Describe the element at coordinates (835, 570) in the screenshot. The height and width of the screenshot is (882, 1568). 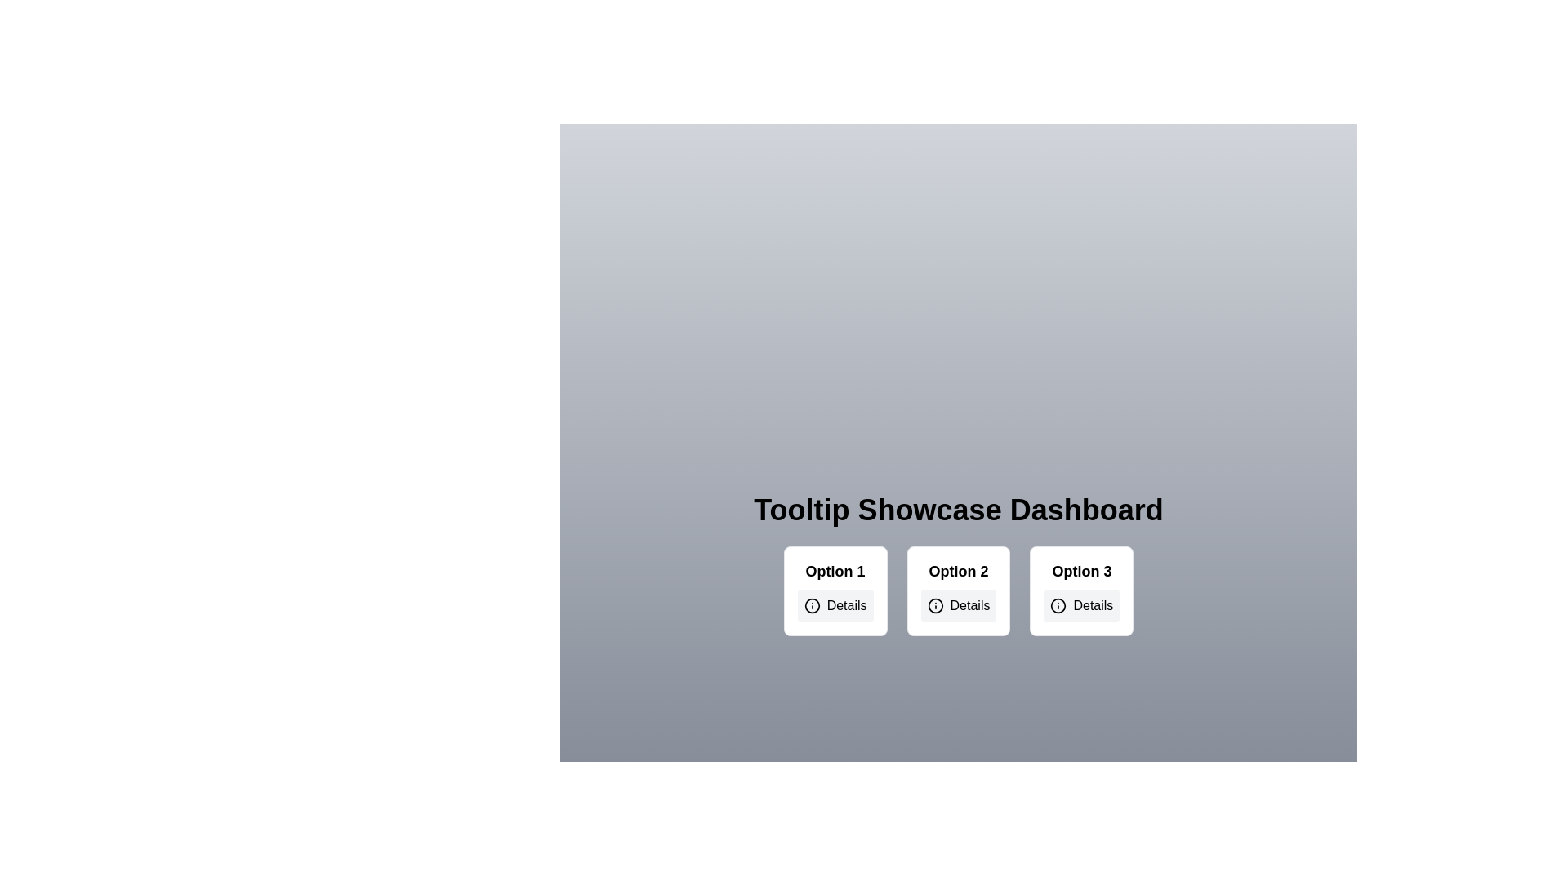
I see `text label displaying the option name located at the top central position of the leftmost card in a horizontal arrangement of three cards` at that location.